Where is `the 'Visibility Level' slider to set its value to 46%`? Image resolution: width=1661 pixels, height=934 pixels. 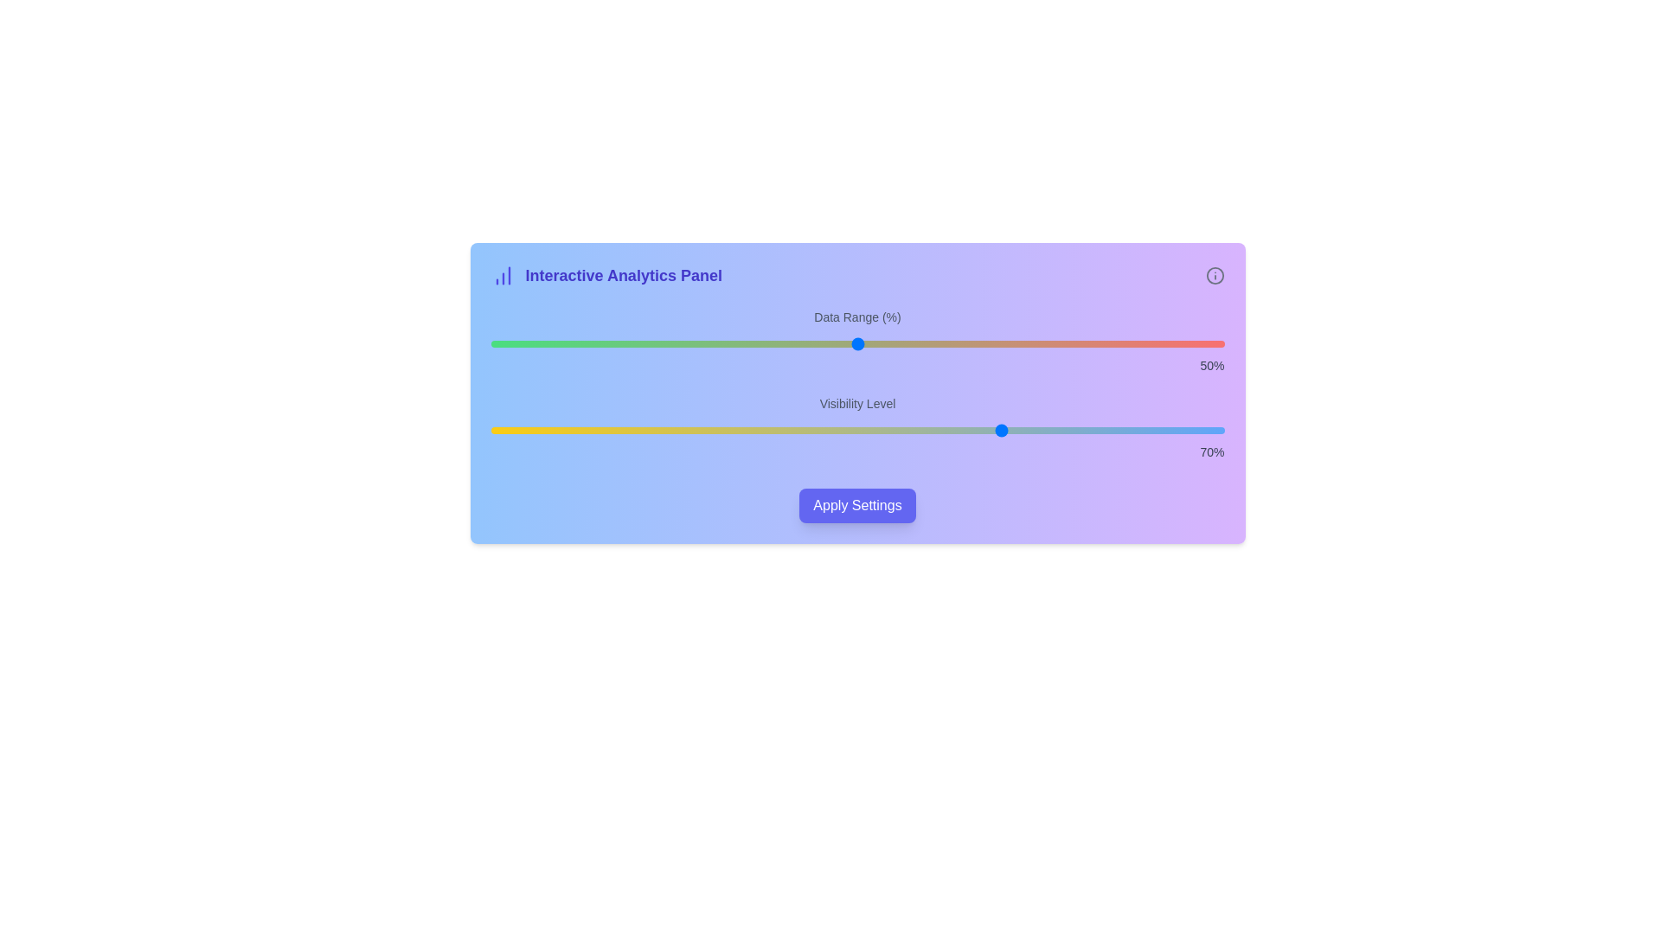
the 'Visibility Level' slider to set its value to 46% is located at coordinates (827, 429).